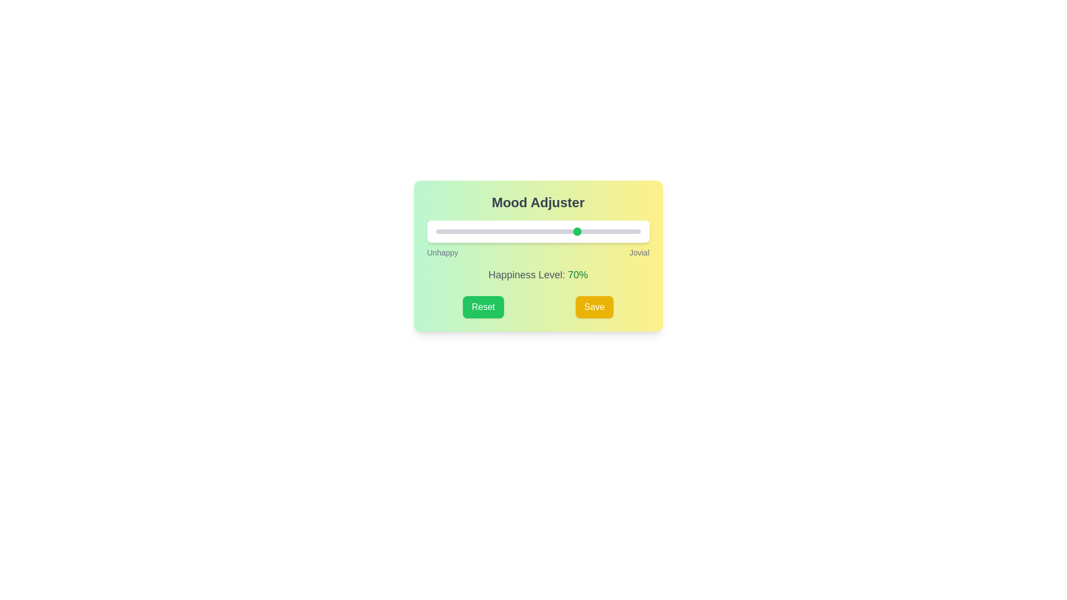 The image size is (1067, 600). What do you see at coordinates (619, 231) in the screenshot?
I see `the slider to set the happiness level to 90%` at bounding box center [619, 231].